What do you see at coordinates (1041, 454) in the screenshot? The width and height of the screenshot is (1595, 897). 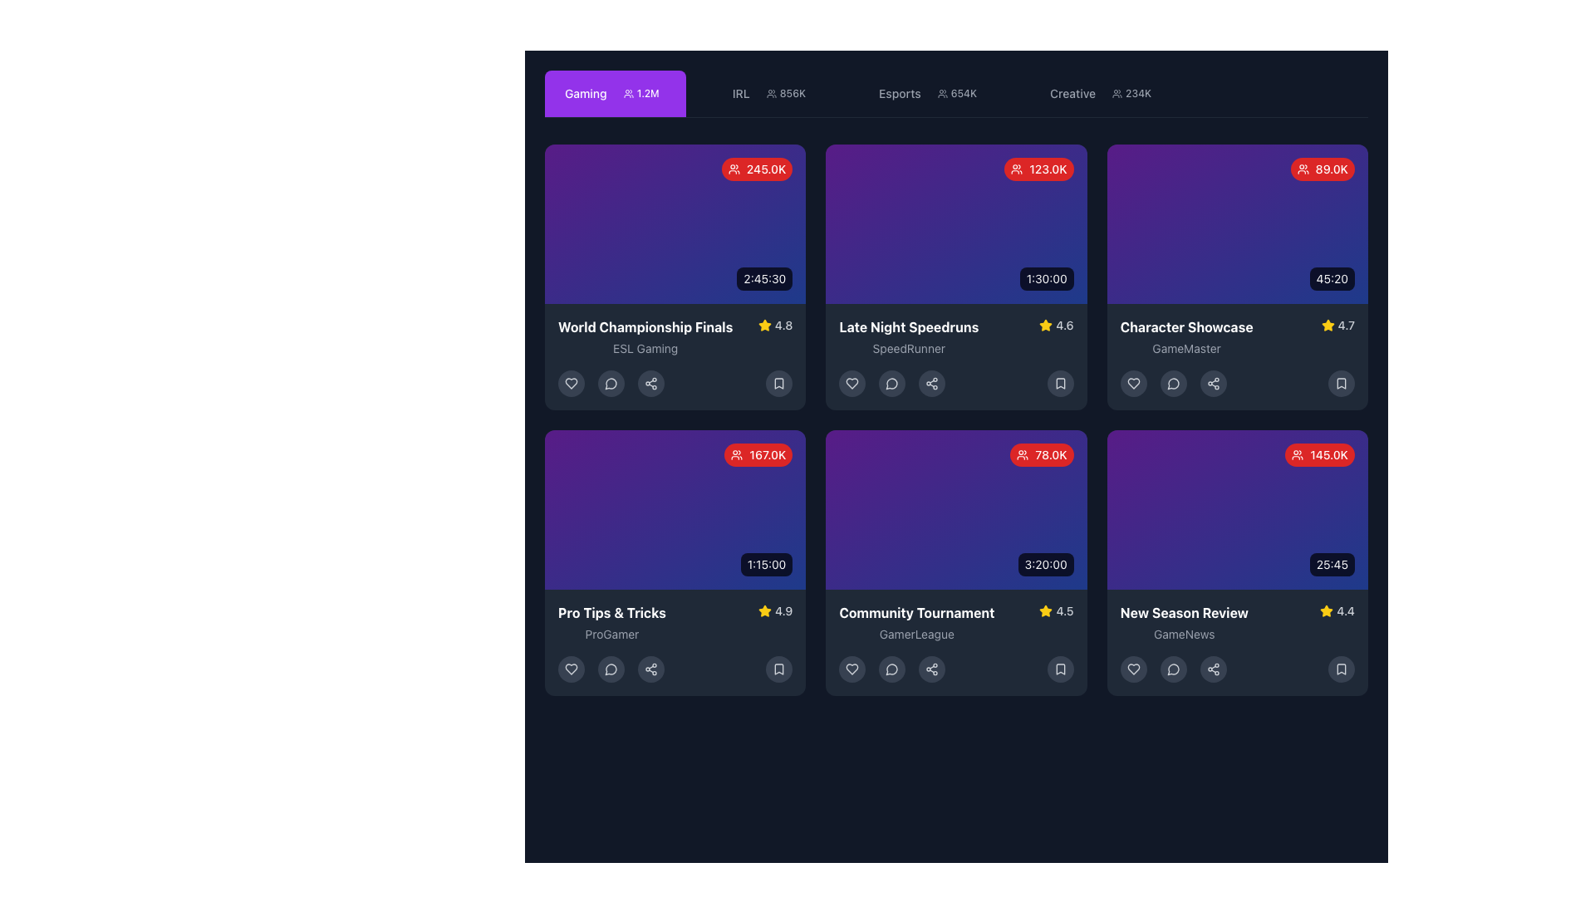 I see `the red badge in the upper-right corner of the 'Community Tournament' card to associate the count '78.0K' with the card's context` at bounding box center [1041, 454].